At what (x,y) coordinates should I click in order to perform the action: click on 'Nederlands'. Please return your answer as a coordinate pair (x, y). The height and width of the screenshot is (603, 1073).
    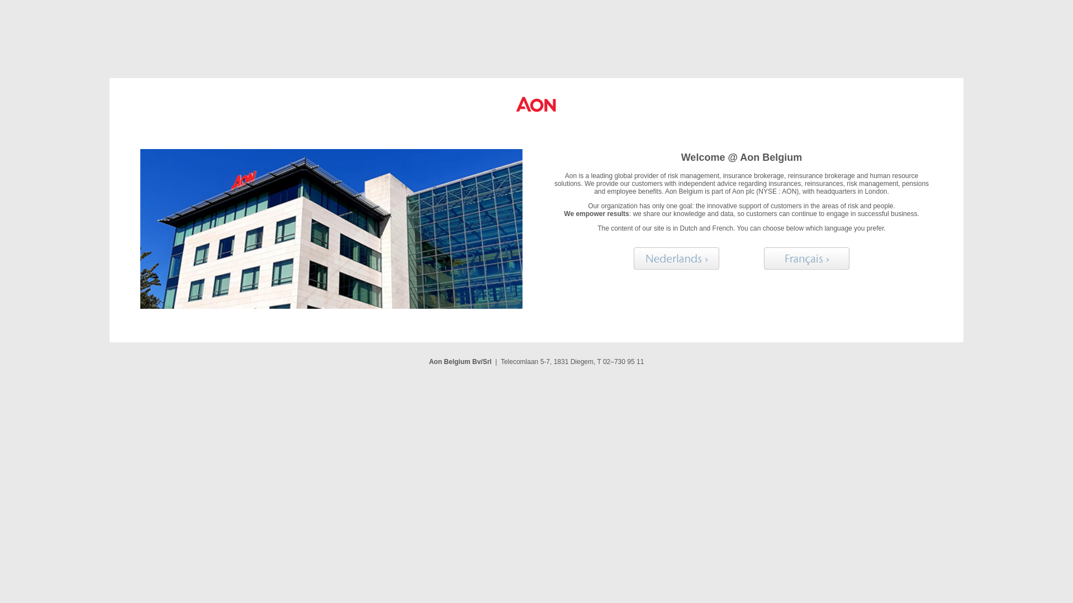
    Looking at the image, I should click on (633, 258).